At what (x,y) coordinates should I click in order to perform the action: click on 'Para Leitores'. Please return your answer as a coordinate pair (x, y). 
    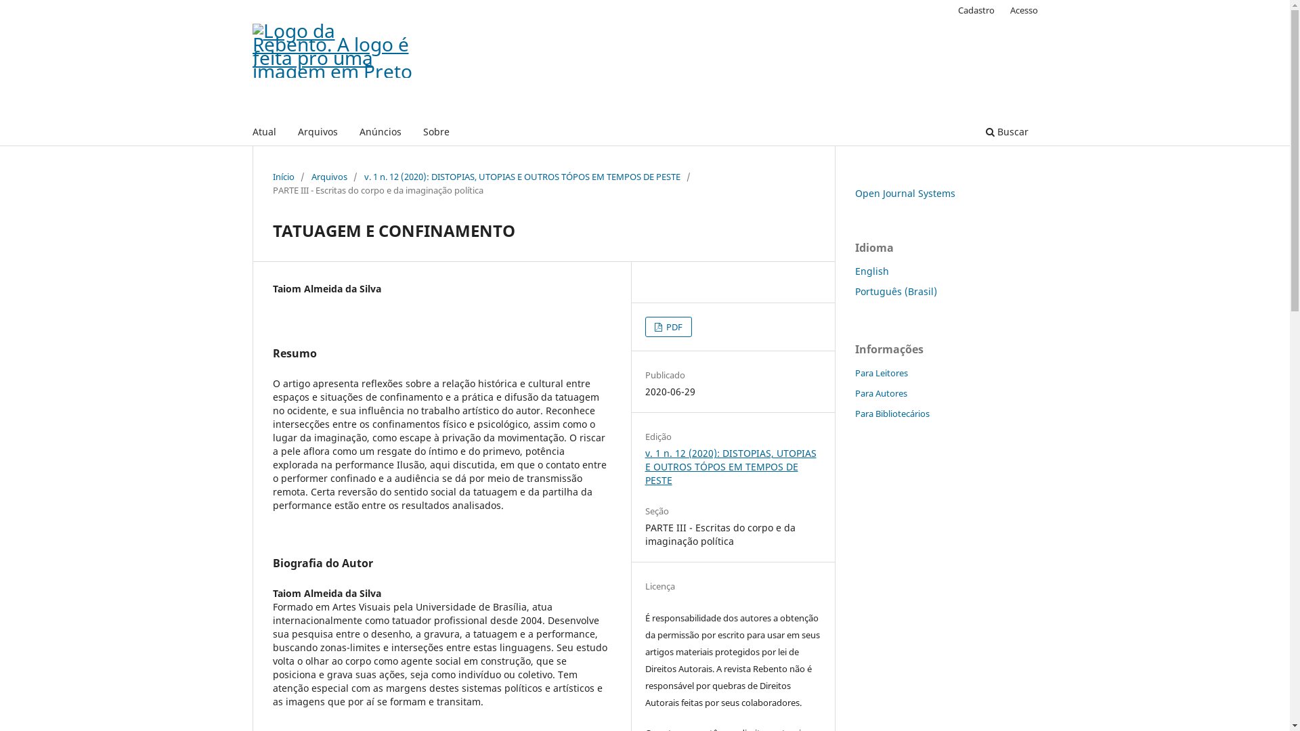
    Looking at the image, I should click on (880, 373).